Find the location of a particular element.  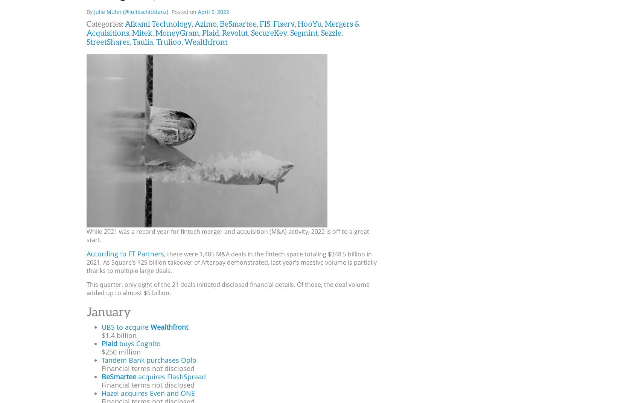

'UBS to acquire' is located at coordinates (126, 326).